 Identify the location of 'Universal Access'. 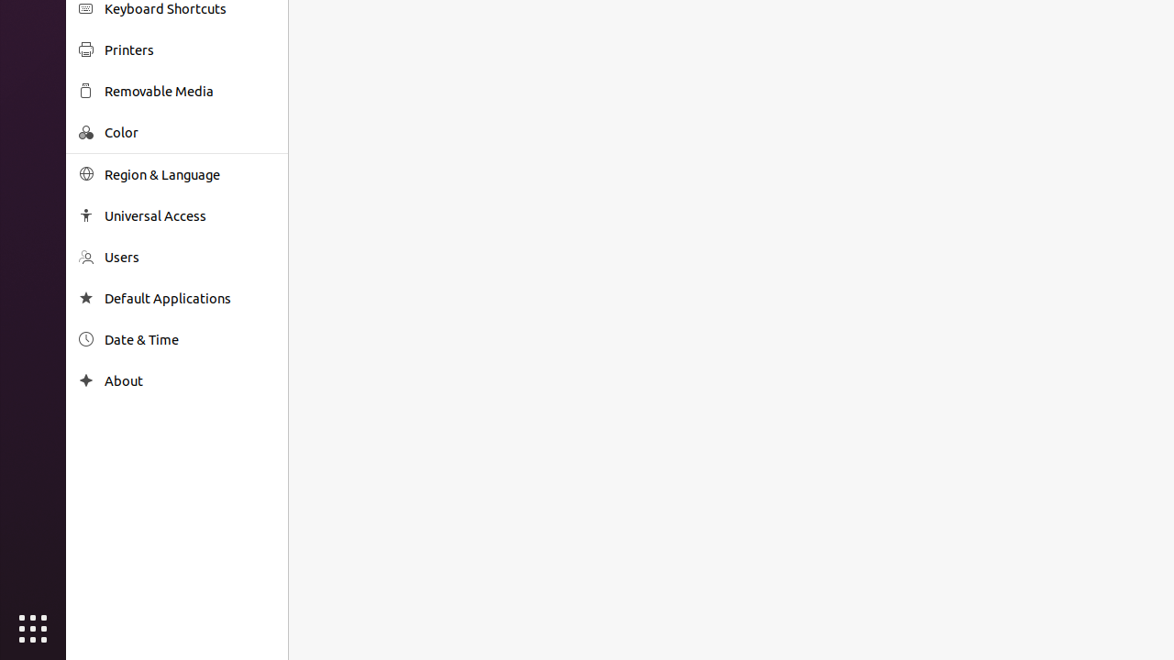
(189, 214).